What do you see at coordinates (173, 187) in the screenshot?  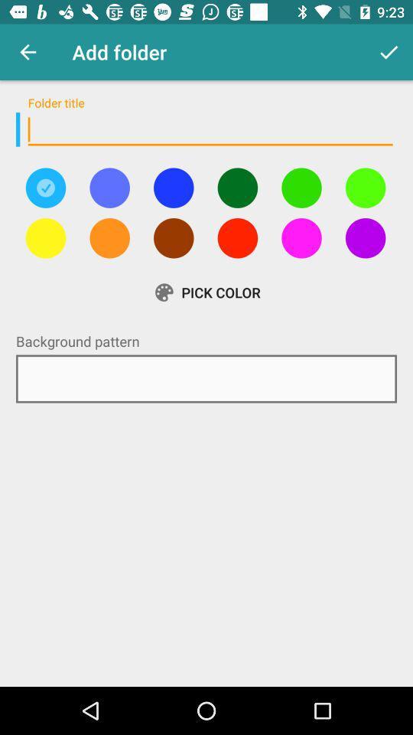 I see `the blue colour` at bounding box center [173, 187].